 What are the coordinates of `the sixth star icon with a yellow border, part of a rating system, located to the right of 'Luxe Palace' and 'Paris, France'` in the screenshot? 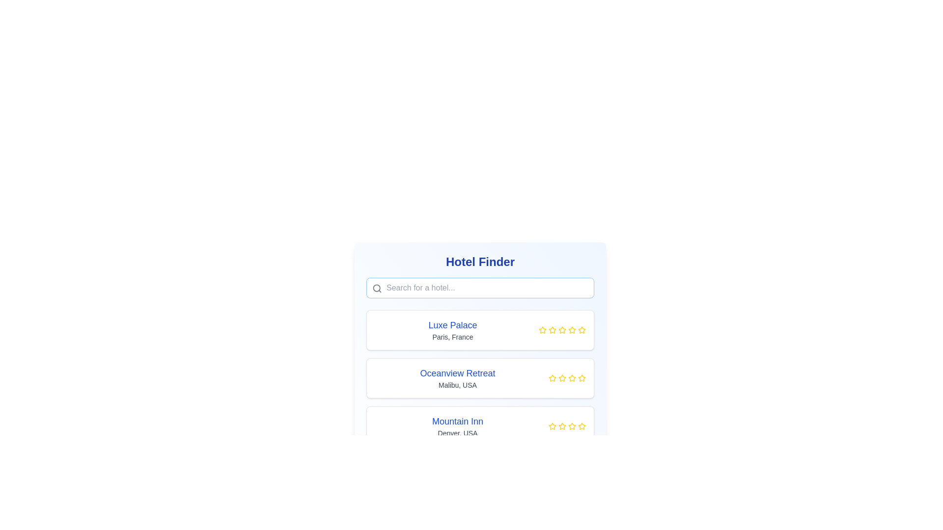 It's located at (572, 330).